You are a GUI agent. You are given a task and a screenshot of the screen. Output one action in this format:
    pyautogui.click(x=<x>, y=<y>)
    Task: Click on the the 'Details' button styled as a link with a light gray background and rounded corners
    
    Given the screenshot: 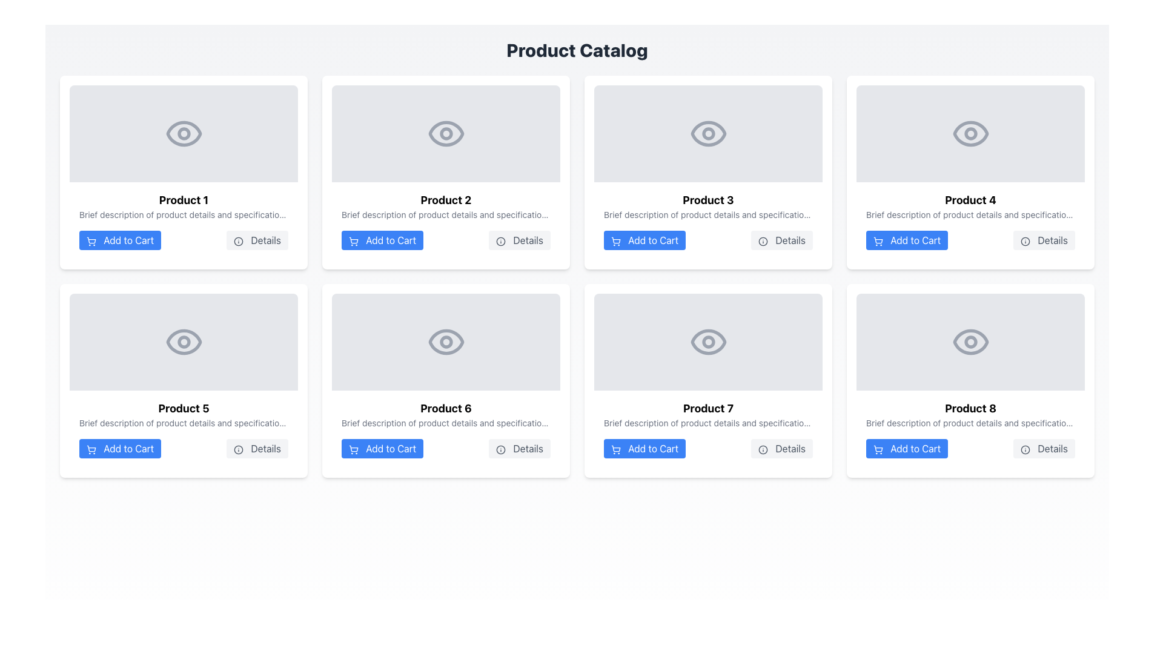 What is the action you would take?
    pyautogui.click(x=257, y=240)
    